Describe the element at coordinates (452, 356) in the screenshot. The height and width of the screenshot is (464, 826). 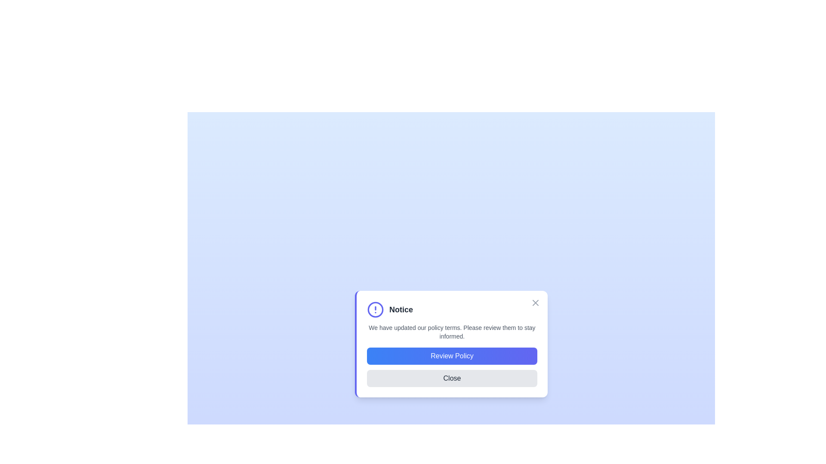
I see `the 'Review Policy' button` at that location.